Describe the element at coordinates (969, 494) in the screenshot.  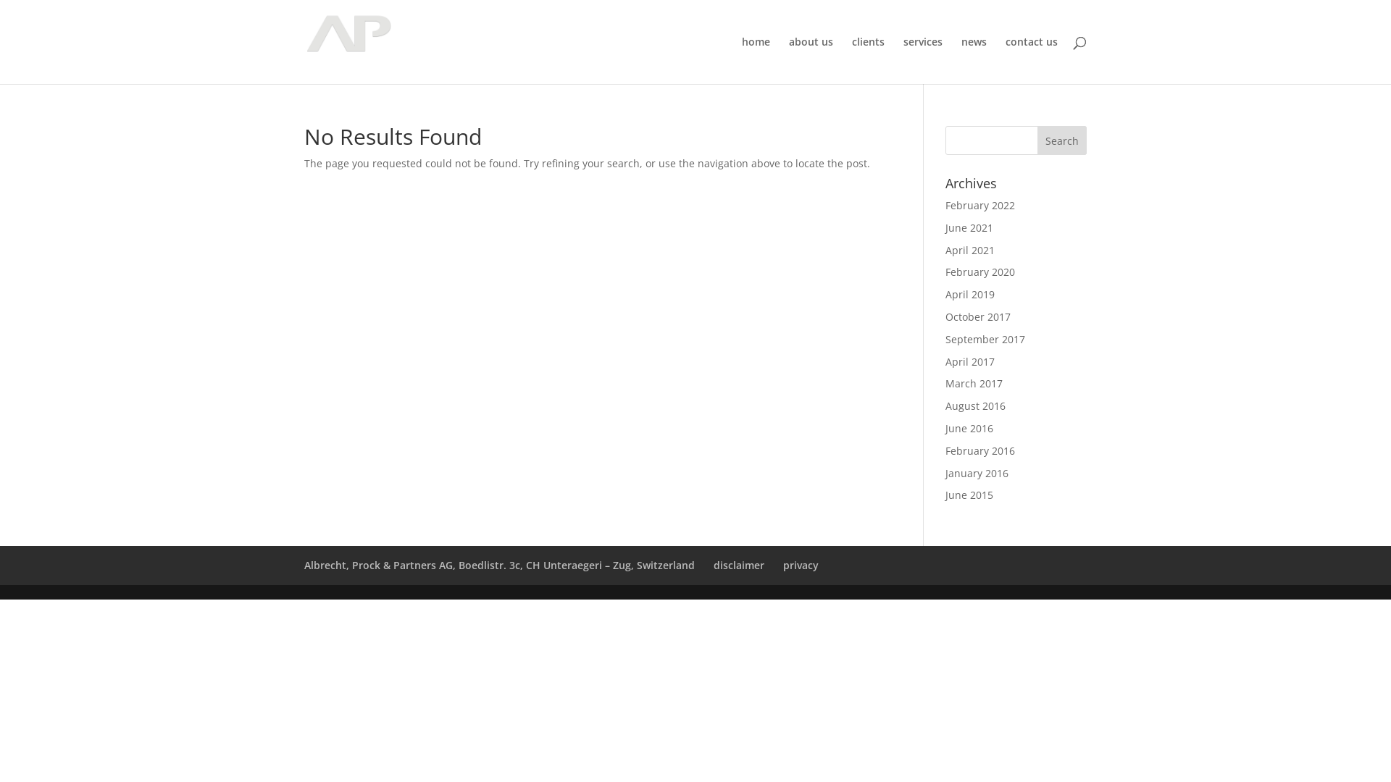
I see `'June 2015'` at that location.